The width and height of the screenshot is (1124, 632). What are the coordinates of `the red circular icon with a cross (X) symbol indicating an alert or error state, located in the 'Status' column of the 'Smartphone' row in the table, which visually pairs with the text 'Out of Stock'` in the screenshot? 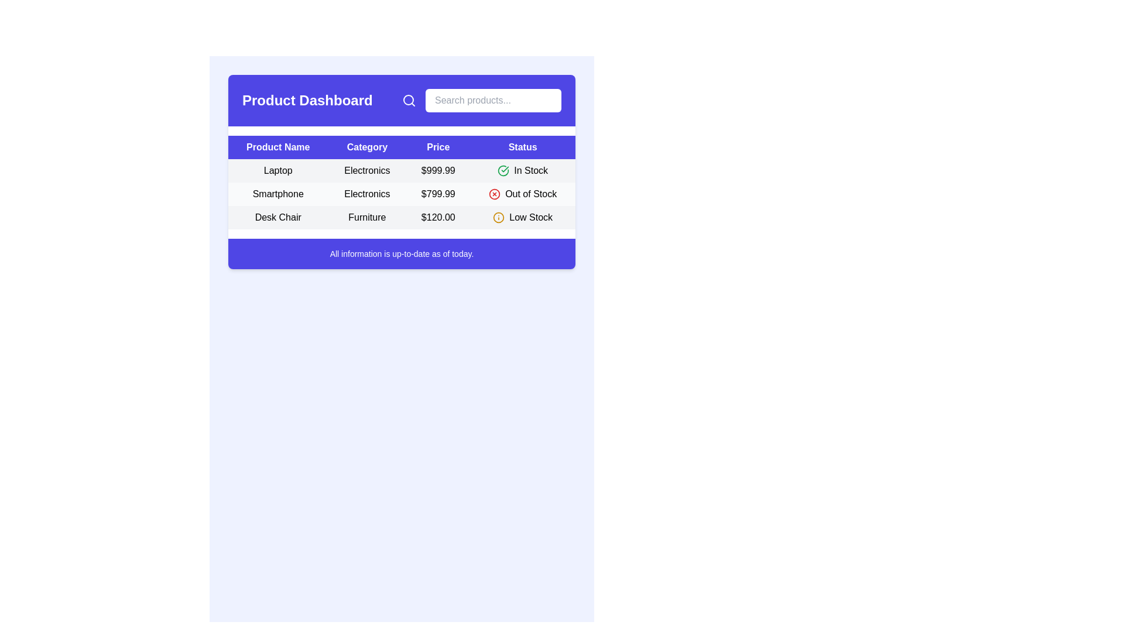 It's located at (495, 193).